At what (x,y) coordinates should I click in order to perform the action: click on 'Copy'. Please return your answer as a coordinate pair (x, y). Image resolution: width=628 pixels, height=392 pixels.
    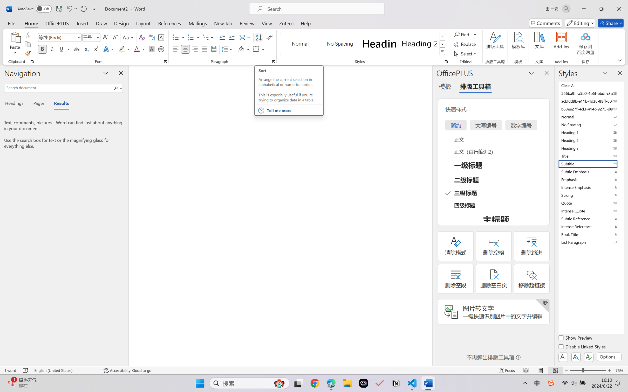
    Looking at the image, I should click on (27, 44).